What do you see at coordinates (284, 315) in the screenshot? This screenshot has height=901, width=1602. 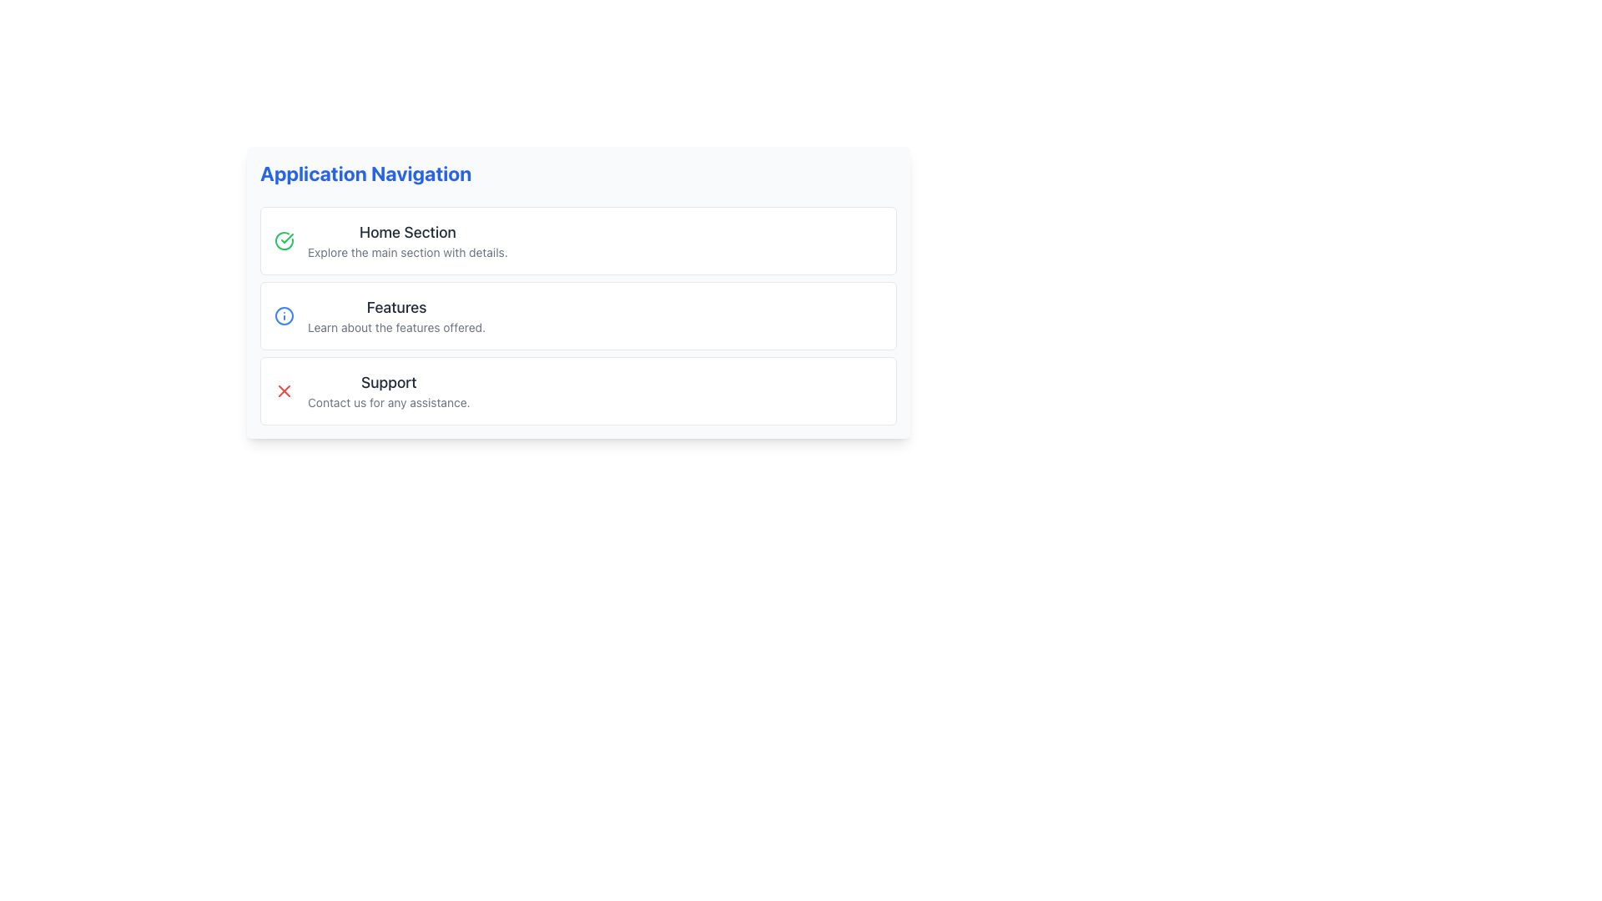 I see `the informational indicator icon located to the left of the 'Features' title within the 'Features' section` at bounding box center [284, 315].